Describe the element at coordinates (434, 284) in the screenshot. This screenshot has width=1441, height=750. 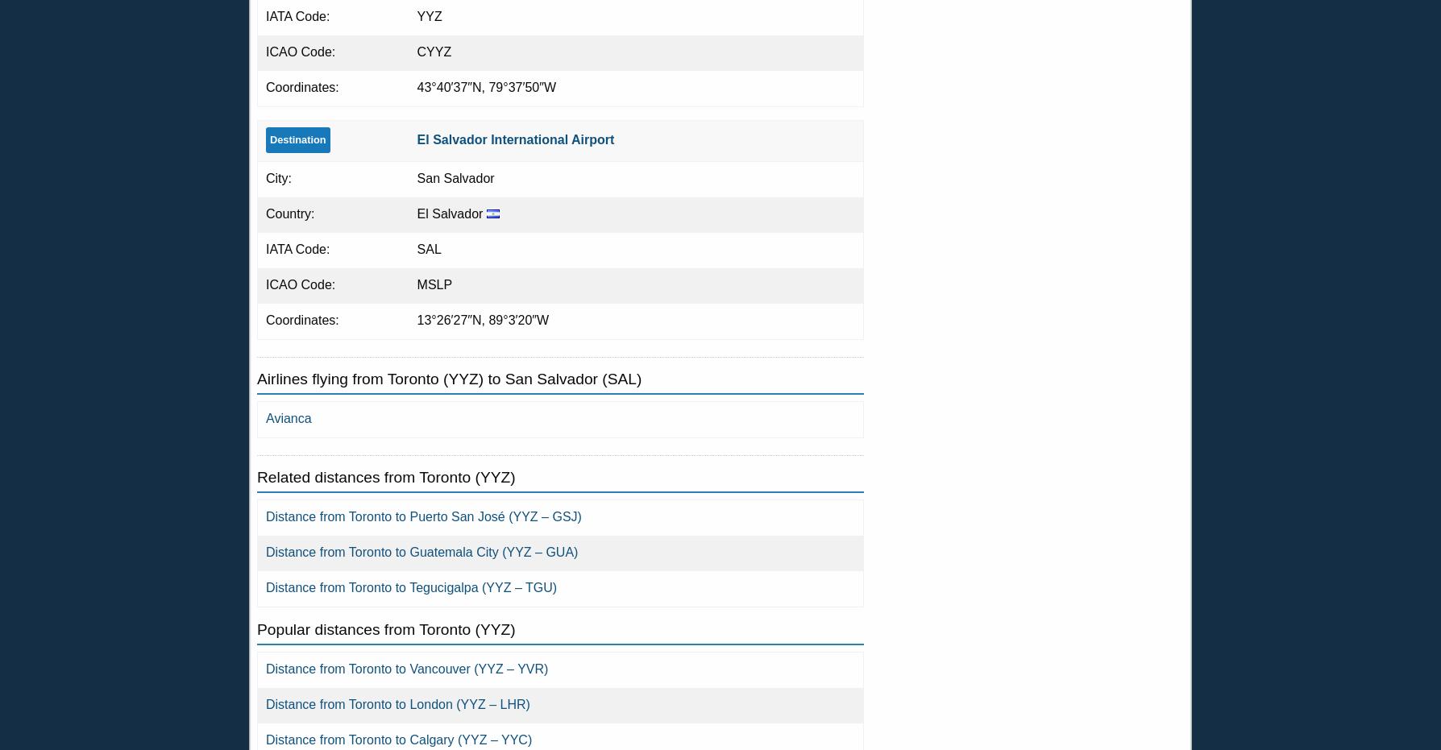
I see `'MSLP'` at that location.